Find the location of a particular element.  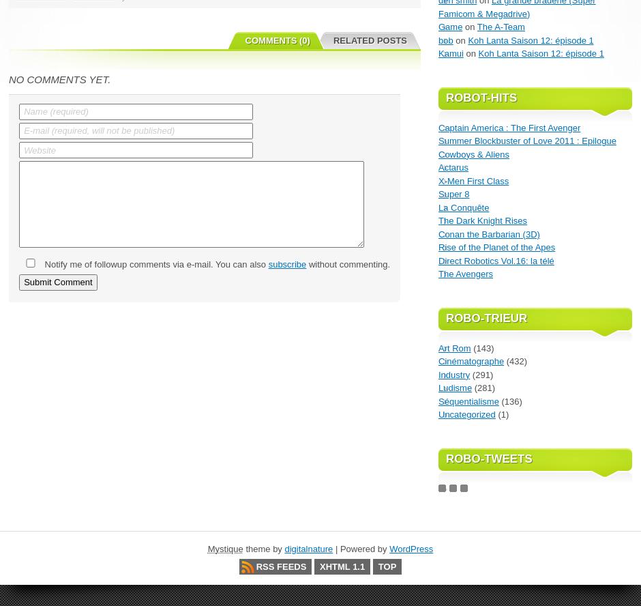

'| Powered by' is located at coordinates (360, 549).